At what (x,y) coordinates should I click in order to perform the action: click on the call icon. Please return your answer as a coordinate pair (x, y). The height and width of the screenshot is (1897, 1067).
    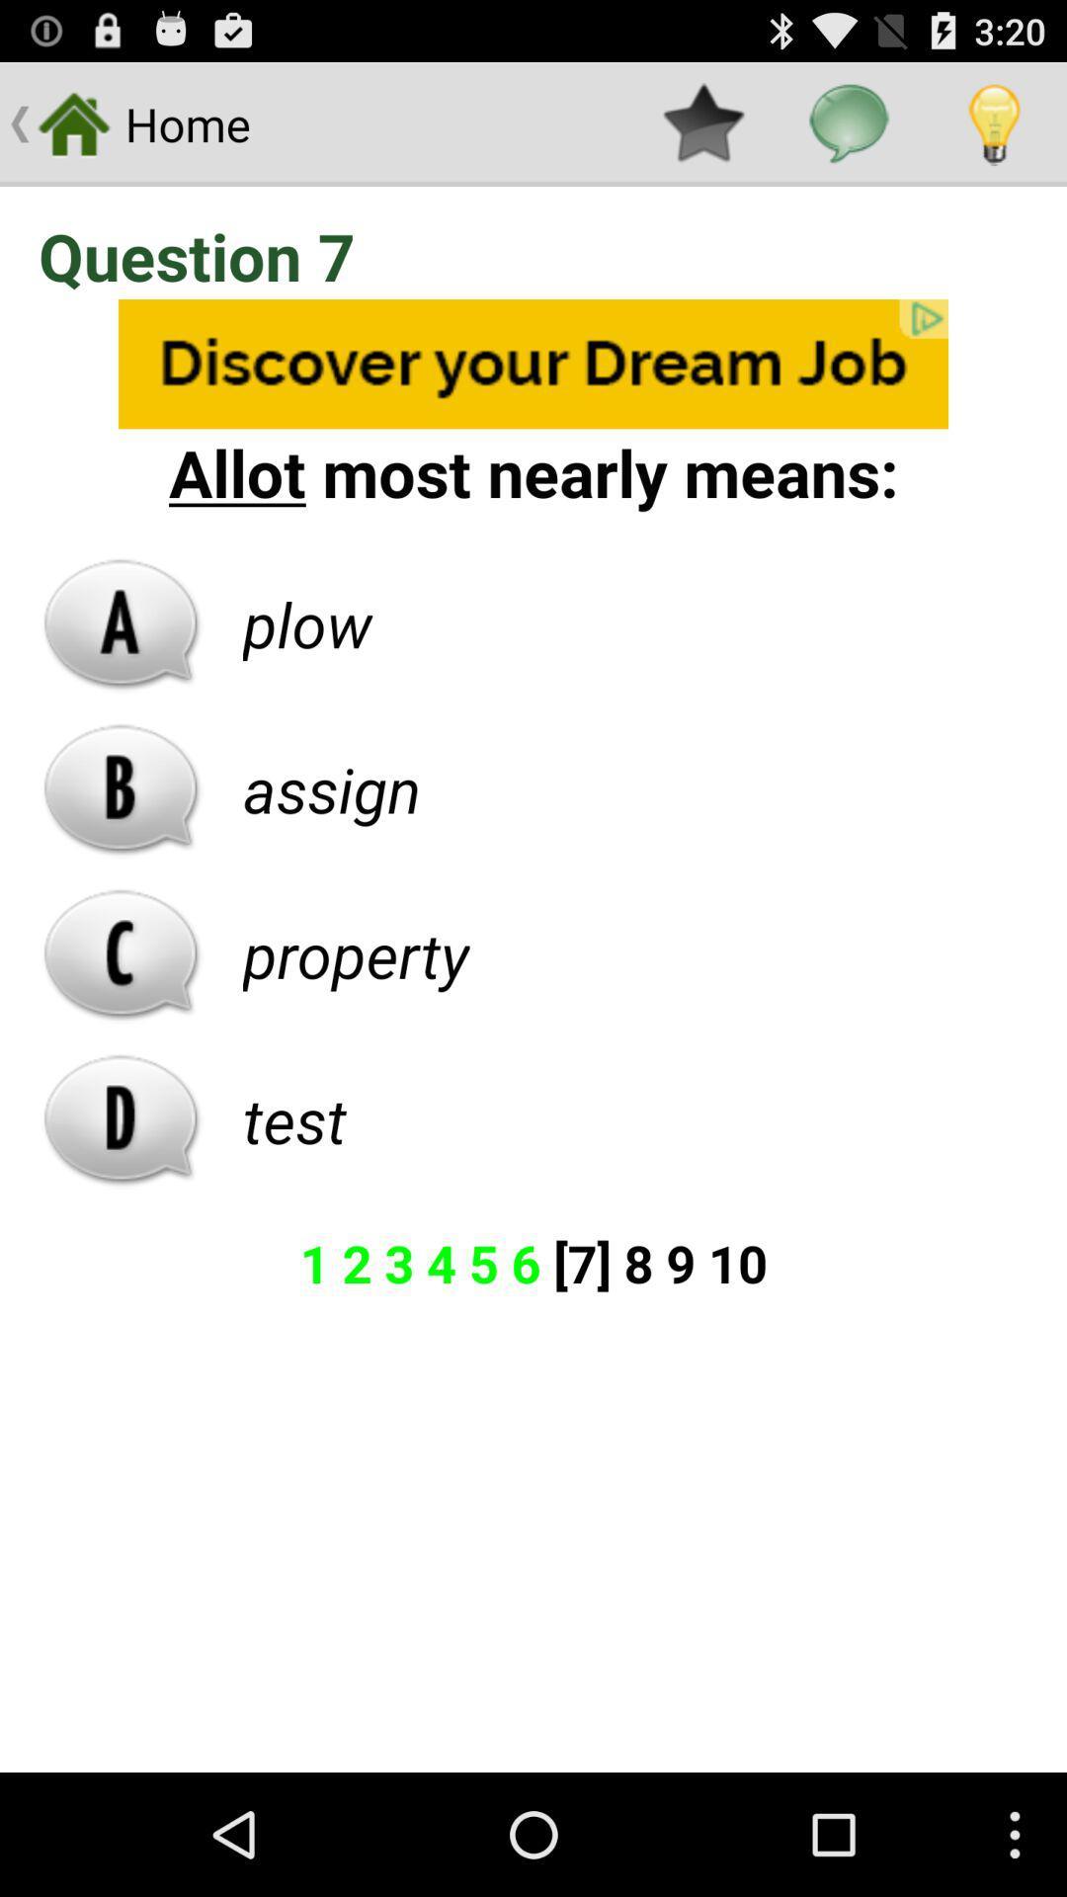
    Looking at the image, I should click on (122, 1022).